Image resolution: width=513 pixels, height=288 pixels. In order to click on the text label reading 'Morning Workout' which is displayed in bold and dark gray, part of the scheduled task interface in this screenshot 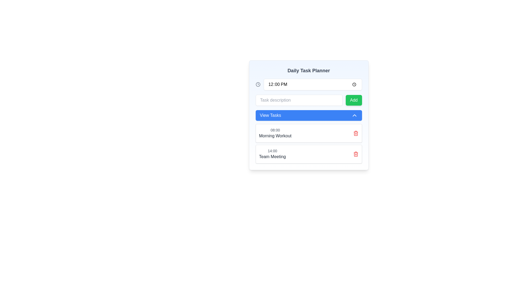, I will do `click(275, 135)`.